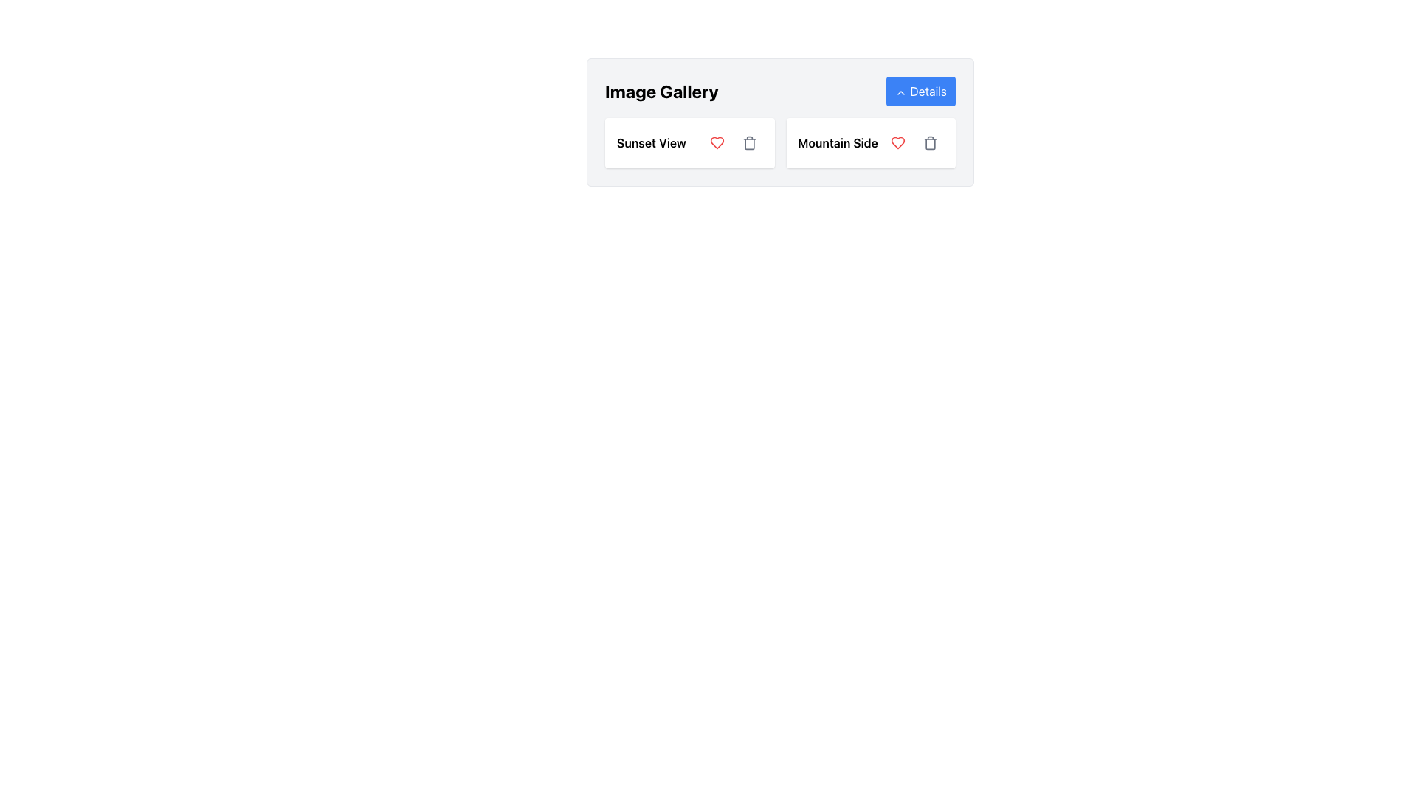 The image size is (1417, 797). What do you see at coordinates (900, 92) in the screenshot?
I see `the small upward-pointing arrow icon within the blue 'Details' button in the top-right corner of the 'Image Gallery' panel` at bounding box center [900, 92].